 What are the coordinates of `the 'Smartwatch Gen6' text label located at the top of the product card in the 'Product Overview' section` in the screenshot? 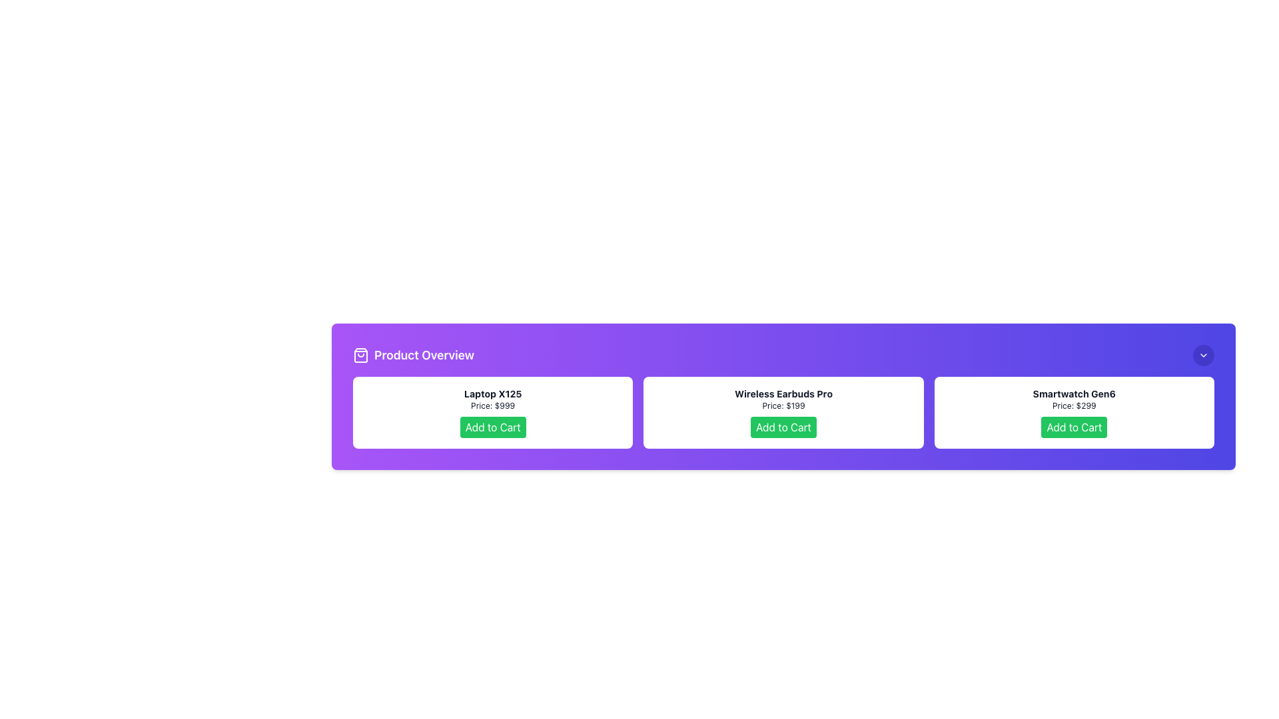 It's located at (1074, 393).